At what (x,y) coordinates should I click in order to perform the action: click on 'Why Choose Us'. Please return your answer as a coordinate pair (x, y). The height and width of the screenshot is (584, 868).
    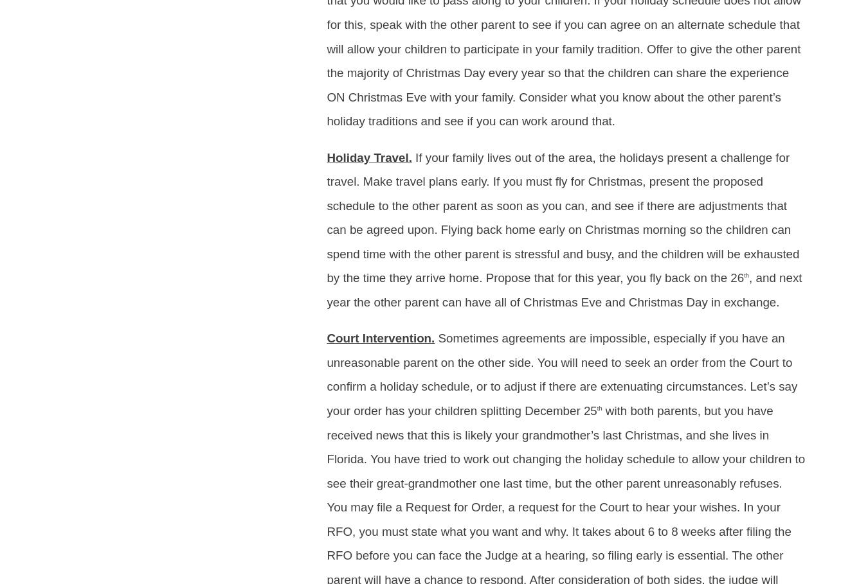
    Looking at the image, I should click on (598, 44).